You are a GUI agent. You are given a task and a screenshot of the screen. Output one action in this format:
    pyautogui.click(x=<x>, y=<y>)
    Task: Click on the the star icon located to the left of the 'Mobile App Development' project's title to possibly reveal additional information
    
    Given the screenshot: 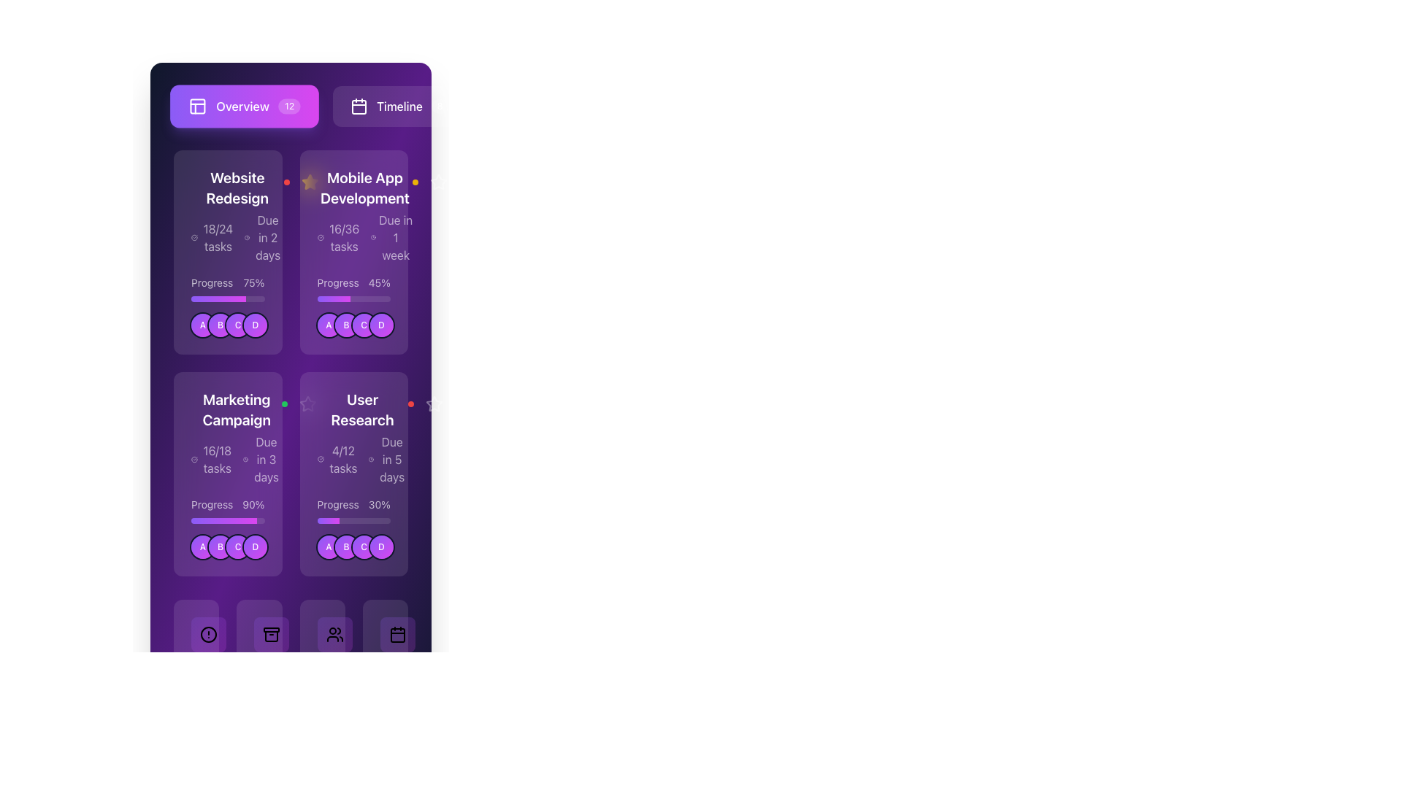 What is the action you would take?
    pyautogui.click(x=319, y=182)
    